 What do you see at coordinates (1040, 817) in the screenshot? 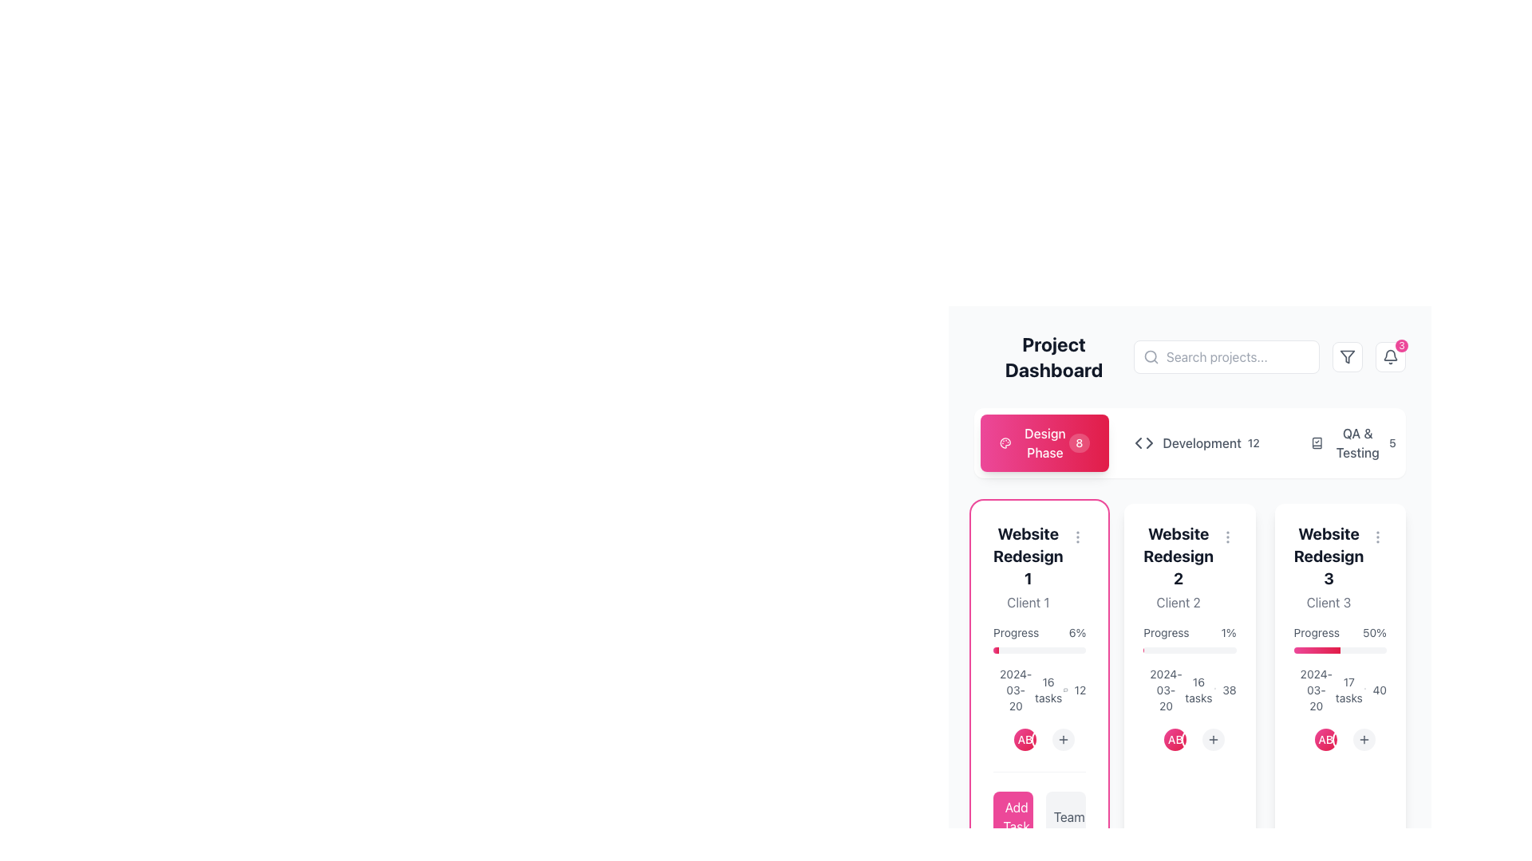
I see `the interactive buttons at the bottom of the 'Website Redesign 1' card for visual feedback effects` at bounding box center [1040, 817].